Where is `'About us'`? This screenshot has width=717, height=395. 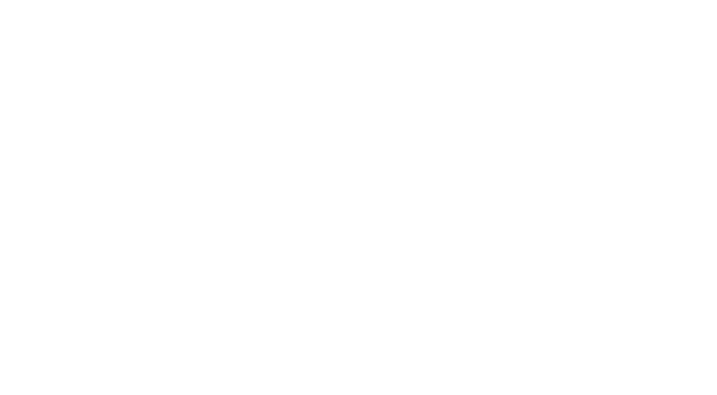
'About us' is located at coordinates (196, 336).